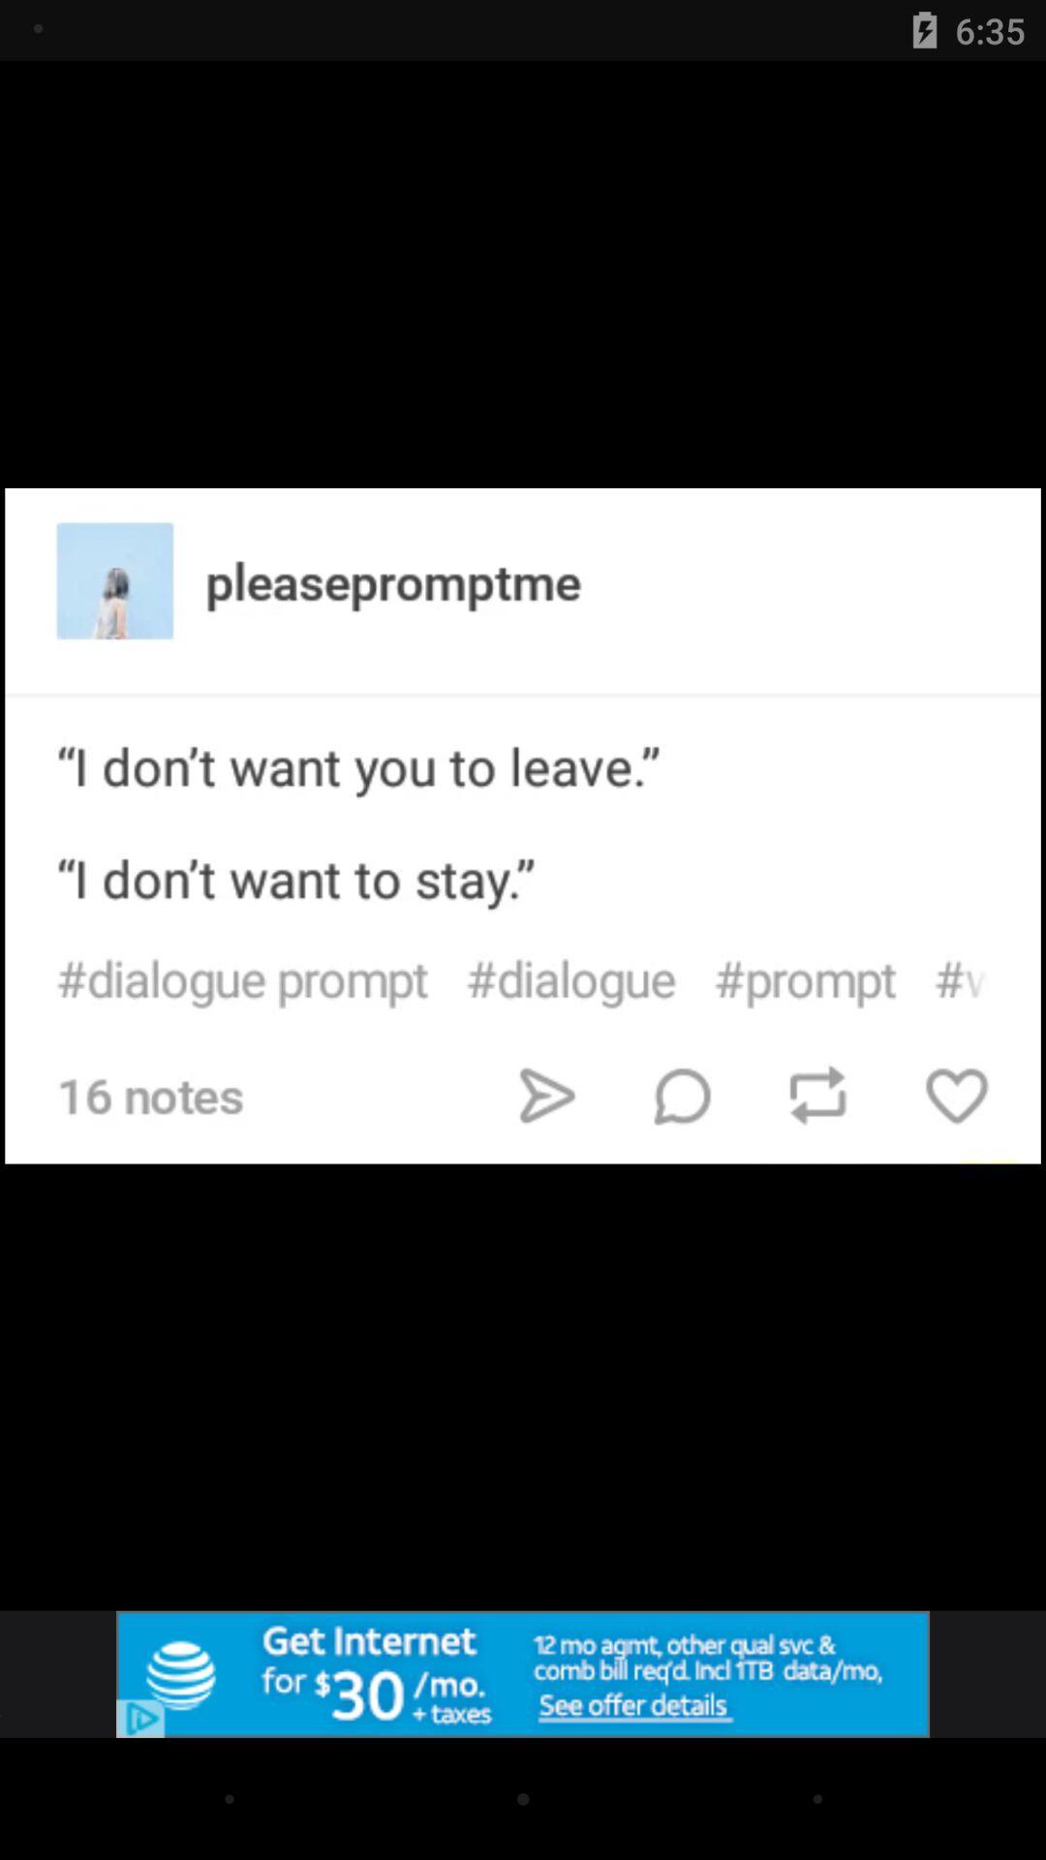 This screenshot has height=1860, width=1046. Describe the element at coordinates (523, 1673) in the screenshot. I see `advertisement` at that location.